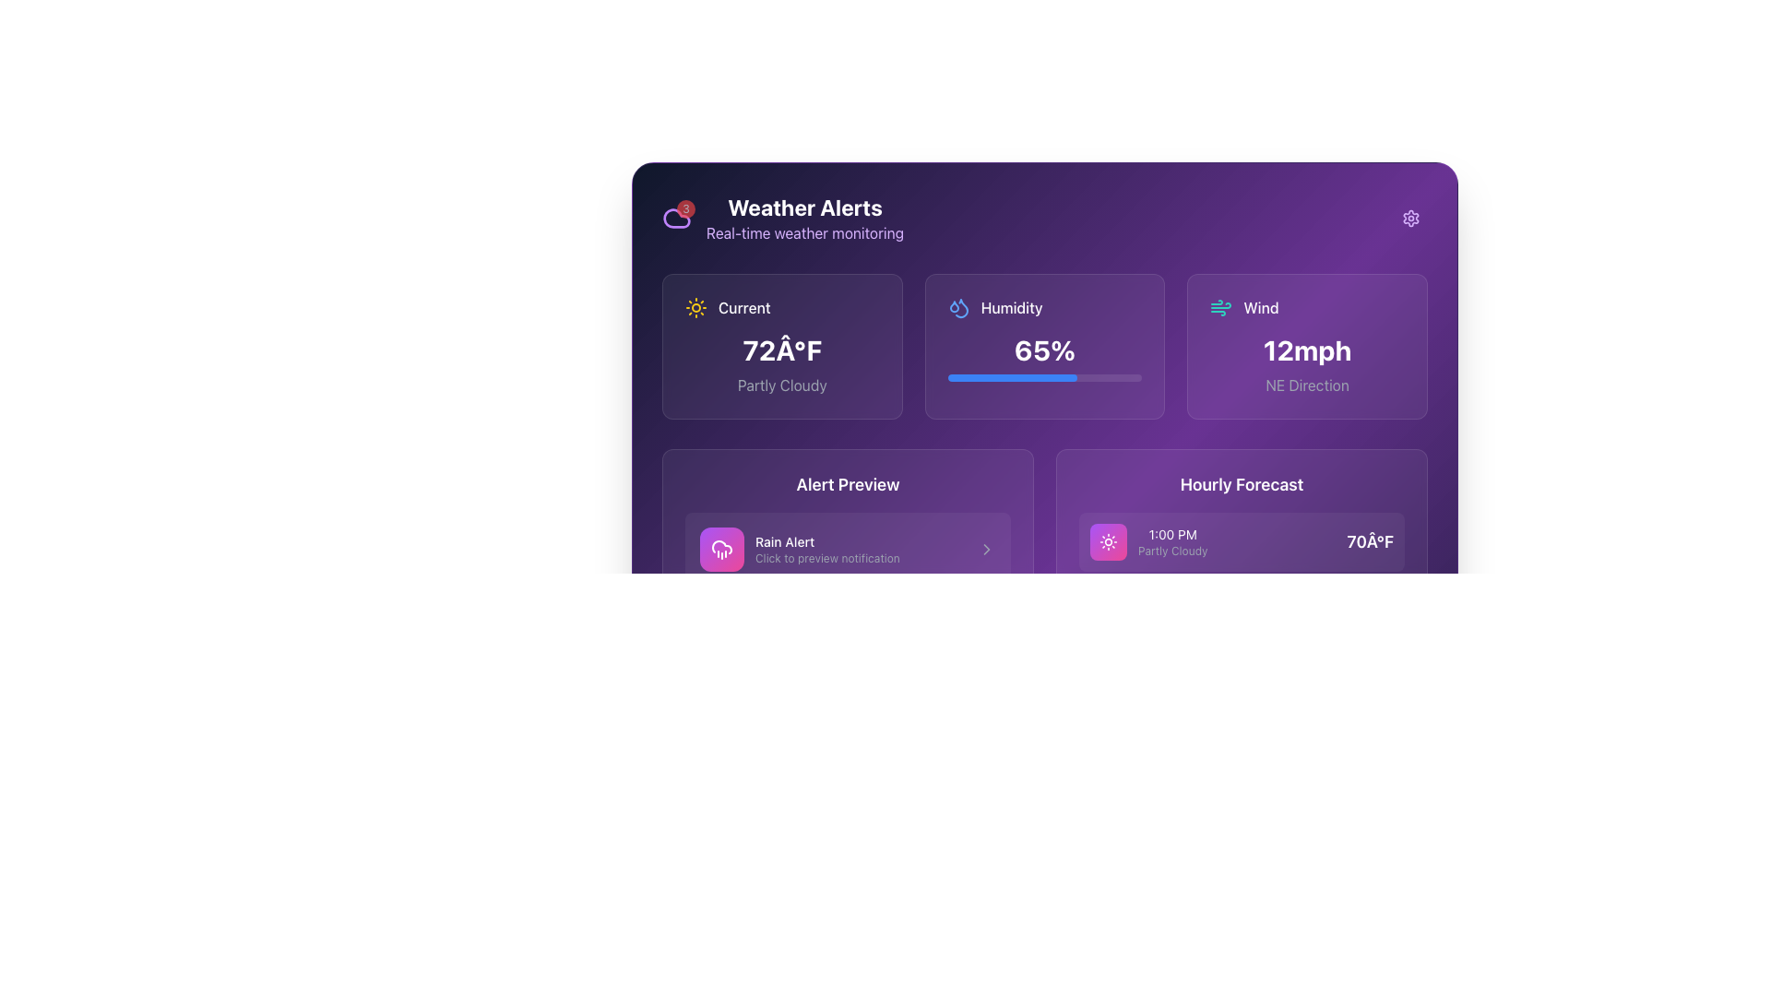 This screenshot has width=1771, height=996. Describe the element at coordinates (676, 217) in the screenshot. I see `the Notification Badge located in the 'Weather Alerts' section, which indicates three notifications related to weather` at that location.